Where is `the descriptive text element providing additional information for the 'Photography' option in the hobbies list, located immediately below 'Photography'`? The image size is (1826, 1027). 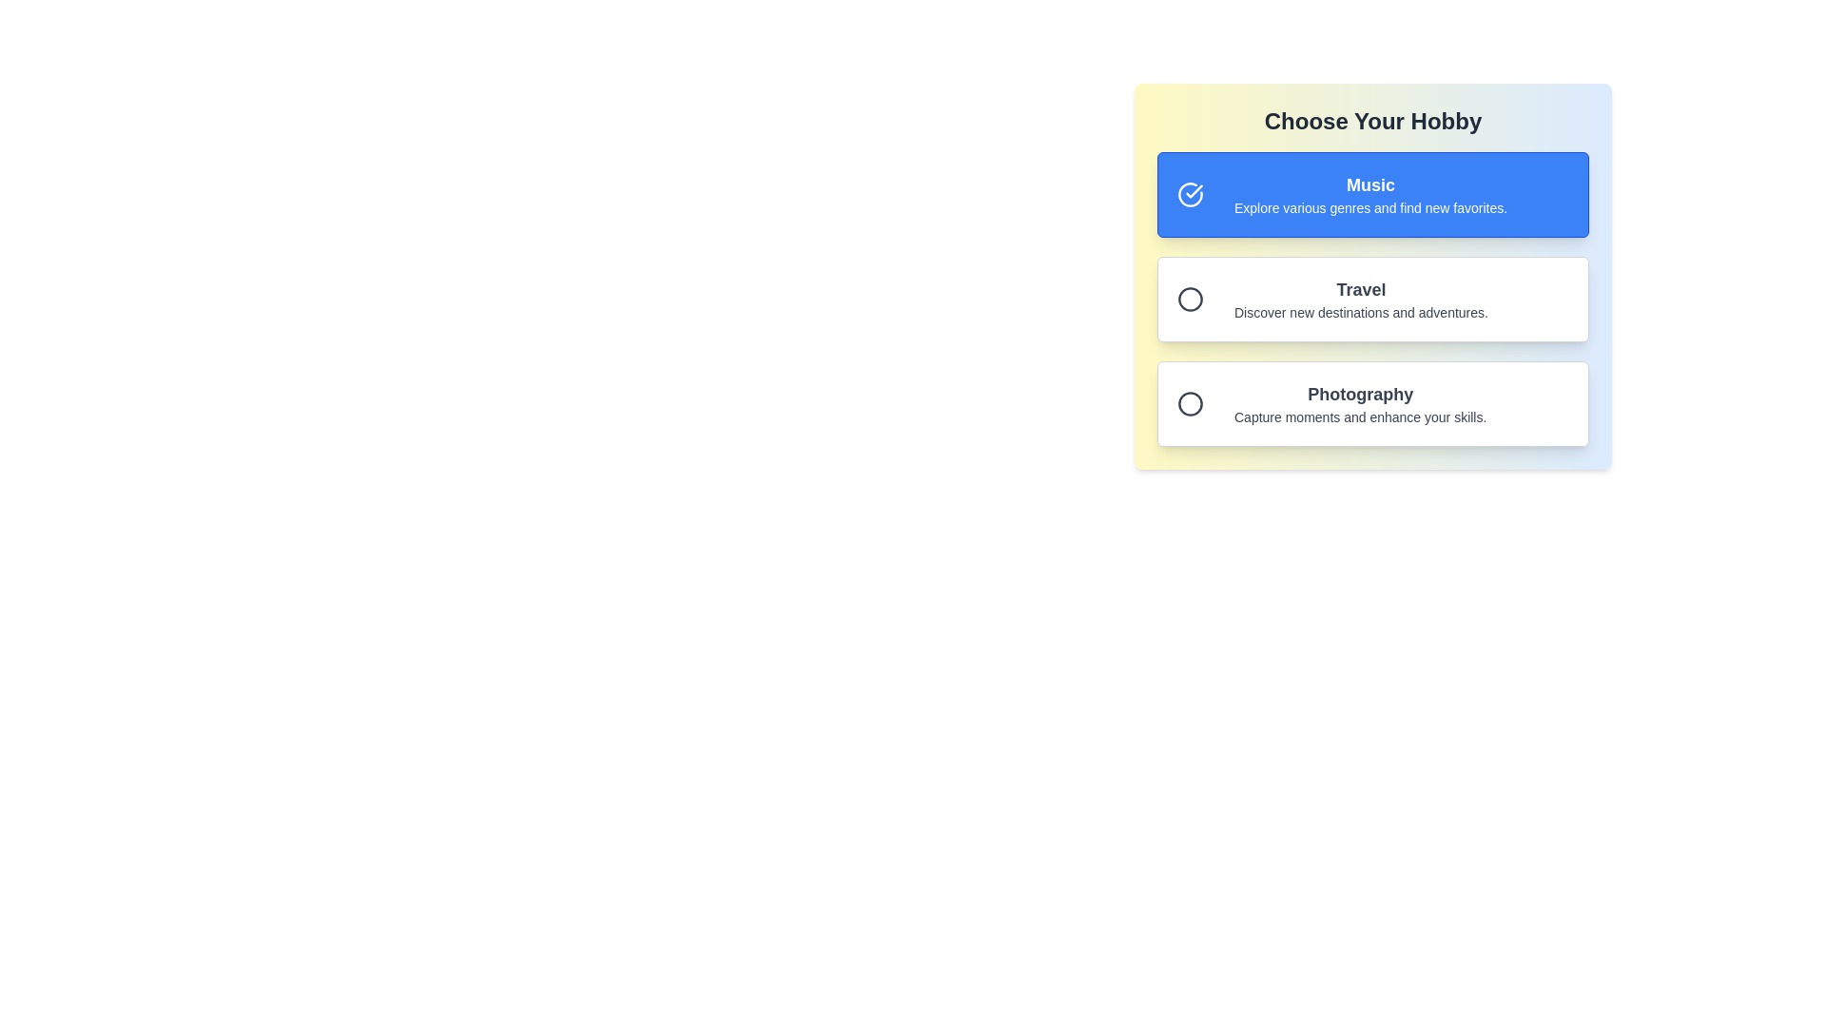 the descriptive text element providing additional information for the 'Photography' option in the hobbies list, located immediately below 'Photography' is located at coordinates (1359, 417).